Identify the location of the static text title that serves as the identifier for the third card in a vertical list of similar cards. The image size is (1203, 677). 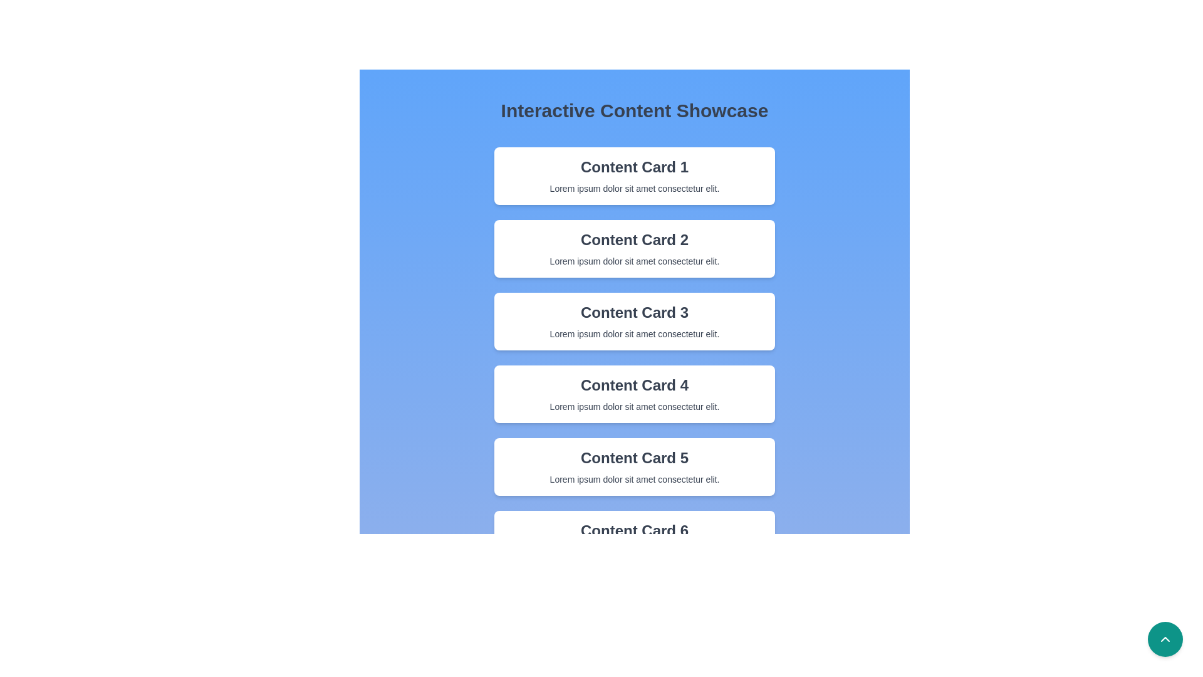
(634, 312).